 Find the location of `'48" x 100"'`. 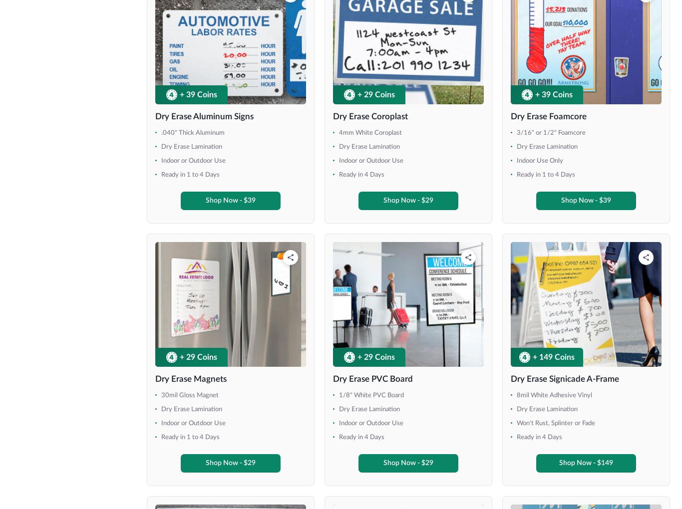

'48" x 100"' is located at coordinates (43, 438).